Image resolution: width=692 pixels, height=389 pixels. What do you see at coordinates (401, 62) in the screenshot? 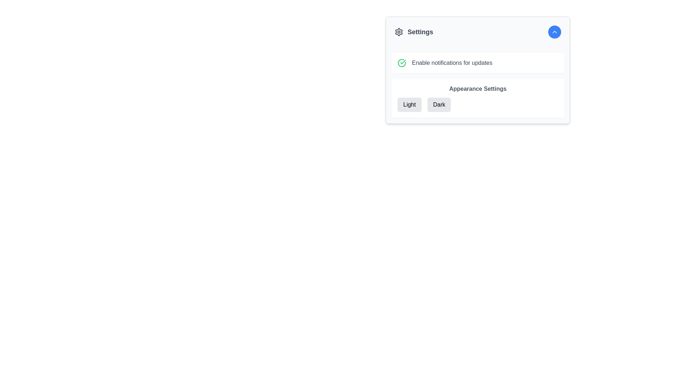
I see `the circular green icon with a checkmark, located to the left of the descriptive text under 'Enable notifications for updates'` at bounding box center [401, 62].